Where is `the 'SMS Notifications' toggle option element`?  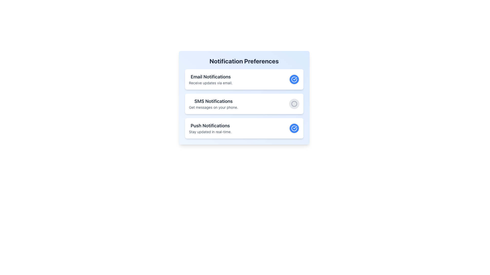 the 'SMS Notifications' toggle option element is located at coordinates (244, 104).